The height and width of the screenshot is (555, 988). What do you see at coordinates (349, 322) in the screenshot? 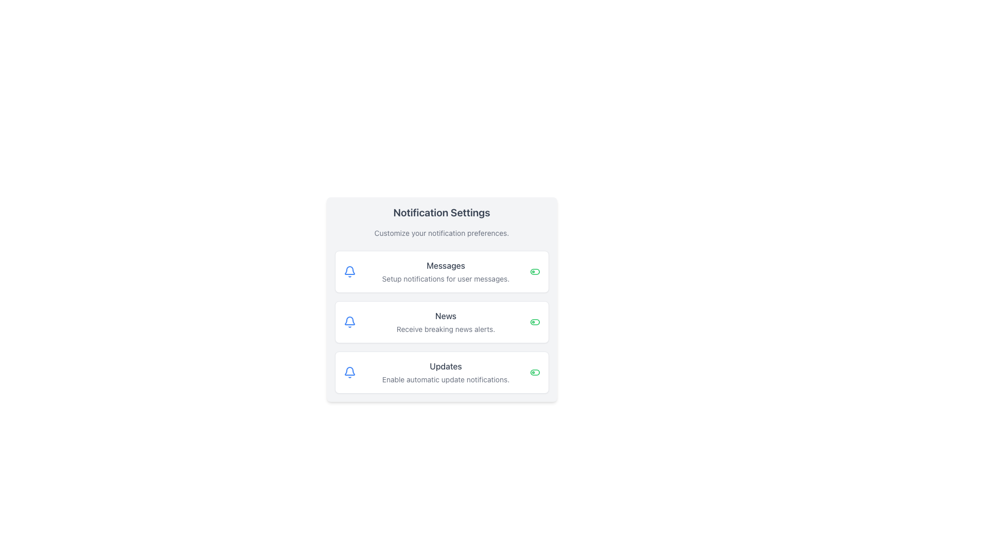
I see `the blue notification bell icon located to the left of the text 'News' which aligns with the second notification block` at bounding box center [349, 322].